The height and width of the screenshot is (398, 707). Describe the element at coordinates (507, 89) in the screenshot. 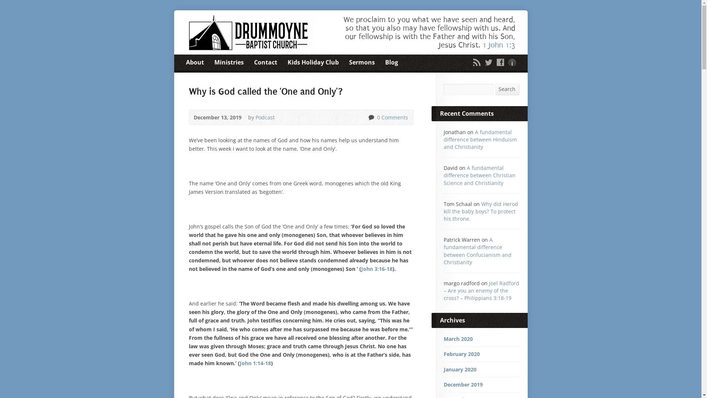

I see `'Search'` at that location.